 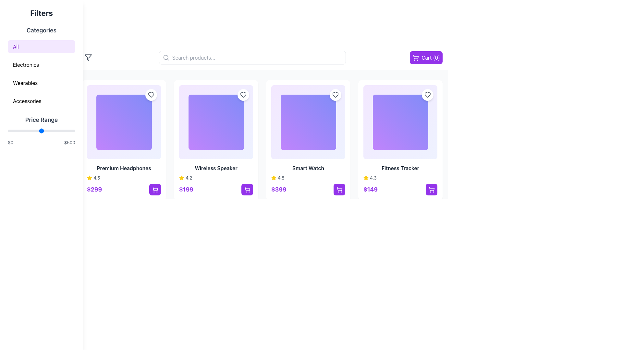 I want to click on the heart-shaped favorite icon located in the top-right corner of the Smart Watch product tile to change its color from gray to pink, so click(x=335, y=95).